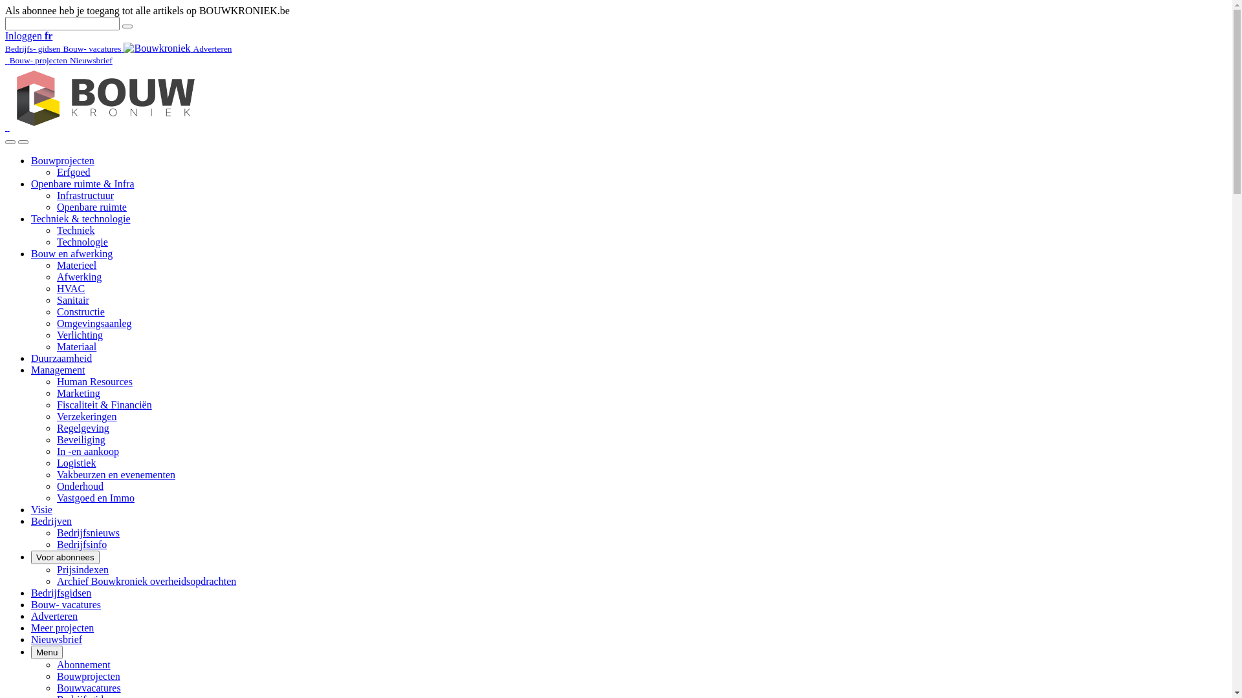  What do you see at coordinates (31, 593) in the screenshot?
I see `'Bedrijfsgidsen'` at bounding box center [31, 593].